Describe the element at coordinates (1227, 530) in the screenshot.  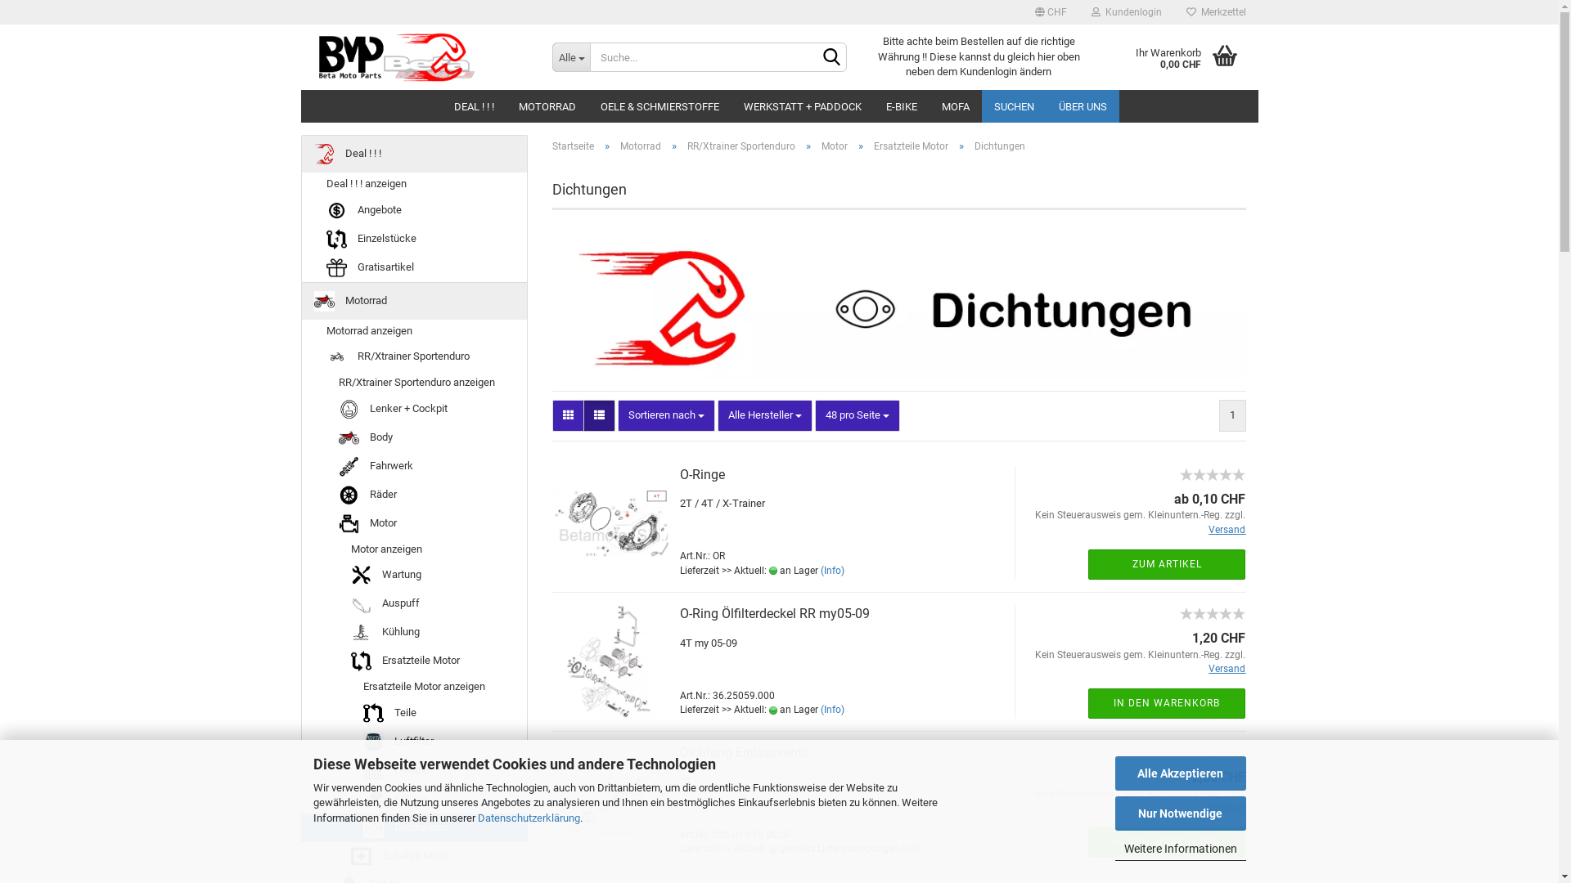
I see `'Versand'` at that location.